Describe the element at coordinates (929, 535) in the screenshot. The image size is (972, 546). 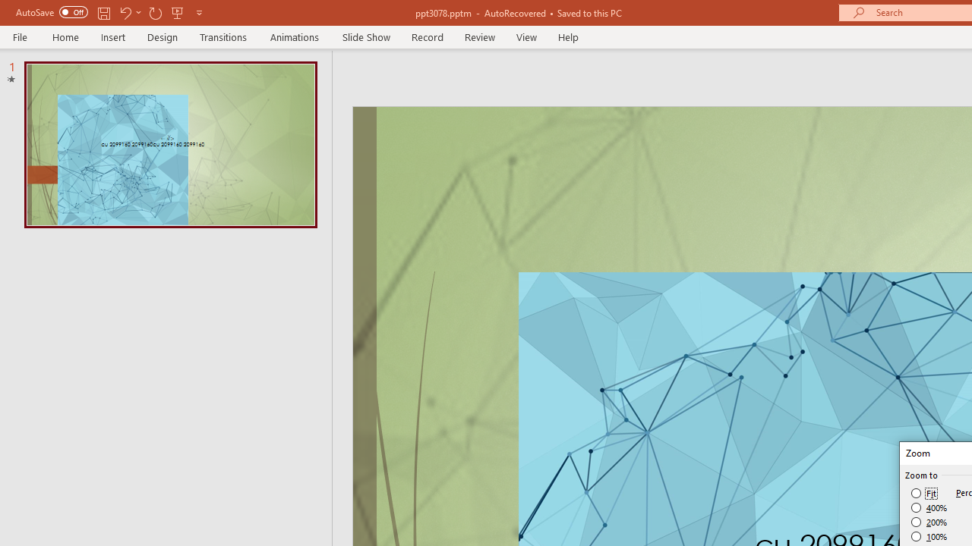
I see `'100%'` at that location.